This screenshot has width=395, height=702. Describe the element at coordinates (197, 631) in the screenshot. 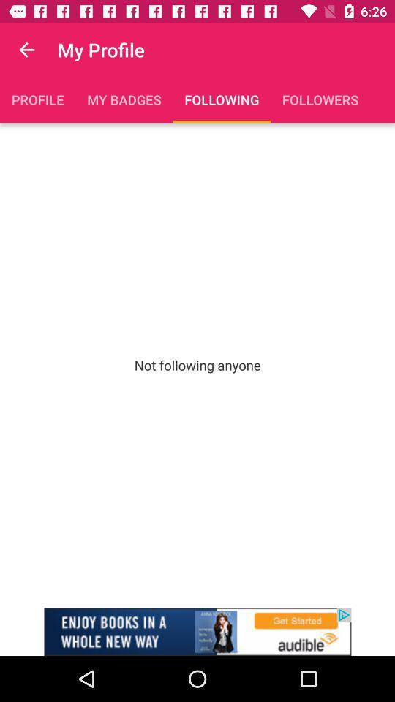

I see `advertisement` at that location.